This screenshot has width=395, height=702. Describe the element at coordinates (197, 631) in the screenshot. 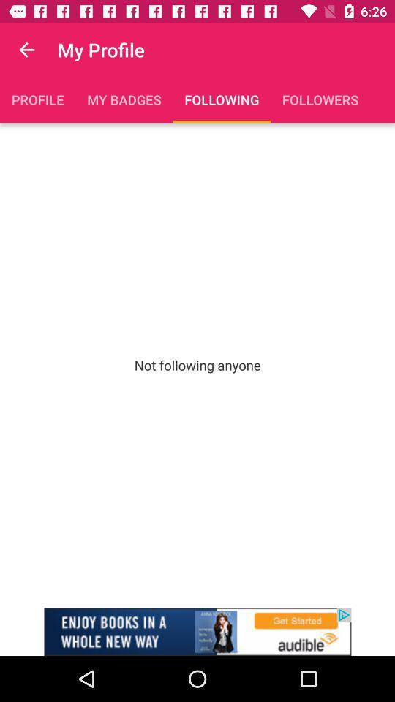

I see `advertisement` at that location.